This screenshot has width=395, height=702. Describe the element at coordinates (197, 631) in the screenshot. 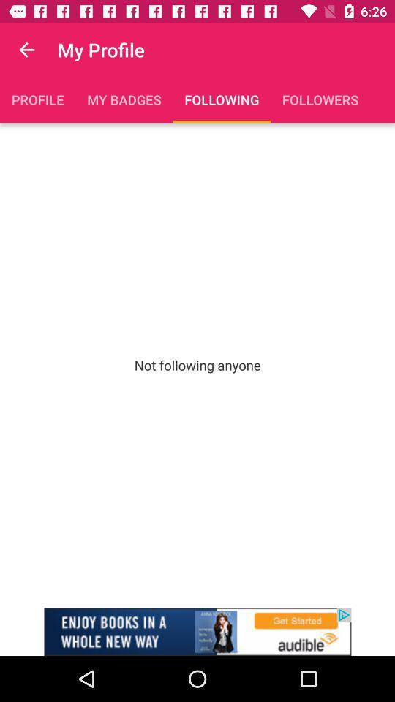

I see `advertisement` at that location.